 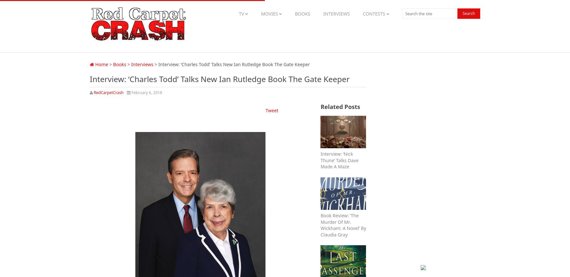 What do you see at coordinates (271, 110) in the screenshot?
I see `'Tweet'` at bounding box center [271, 110].